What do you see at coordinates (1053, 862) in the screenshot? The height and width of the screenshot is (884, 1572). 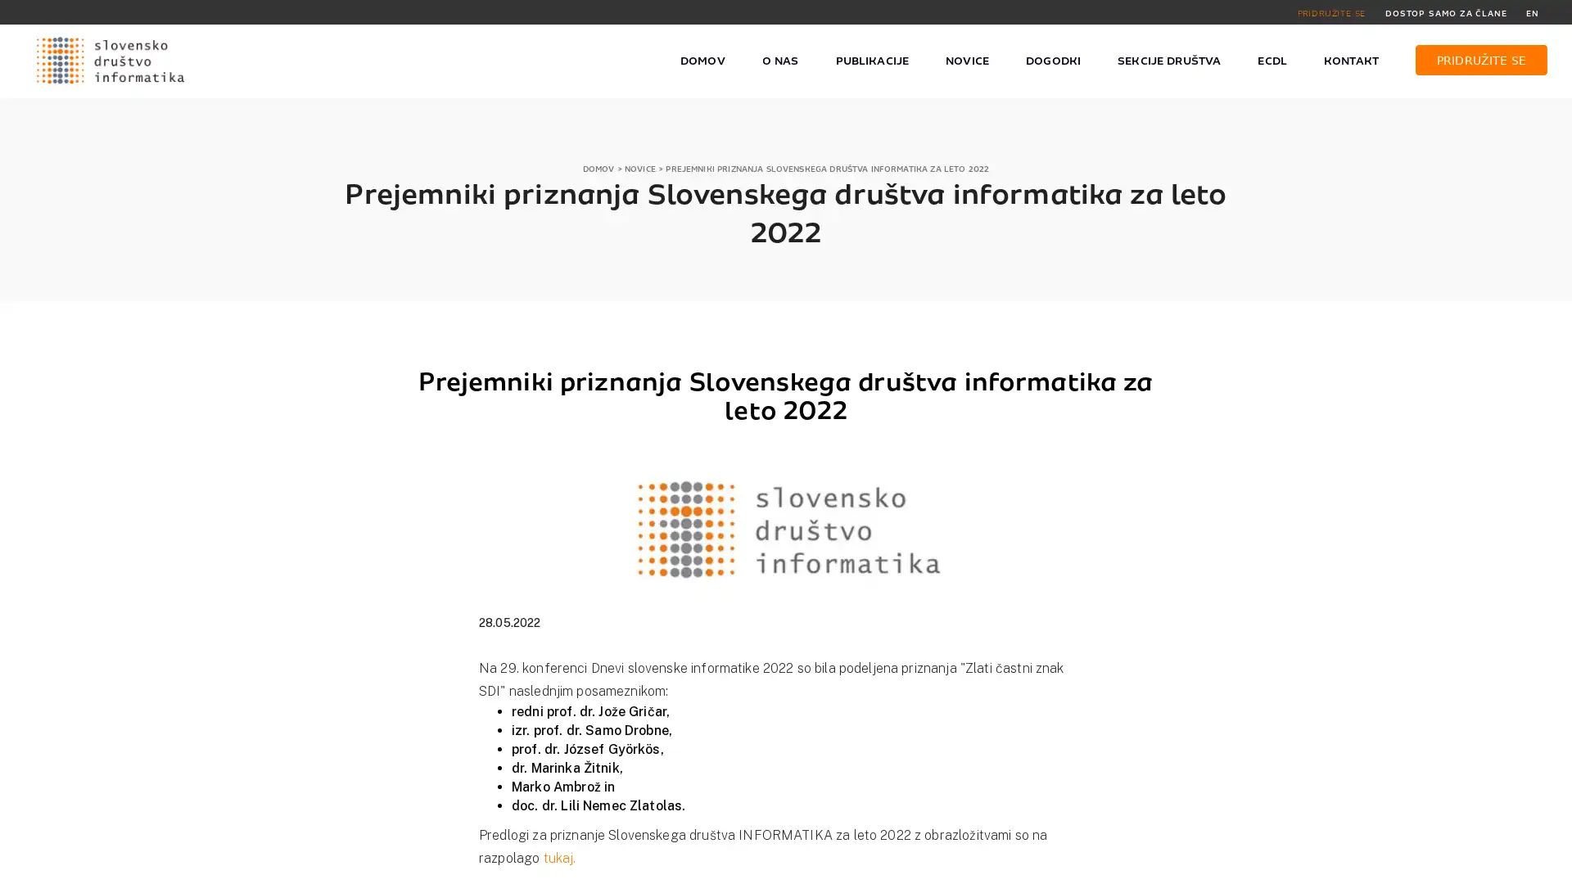 I see `Sprejmi piskotke` at bounding box center [1053, 862].